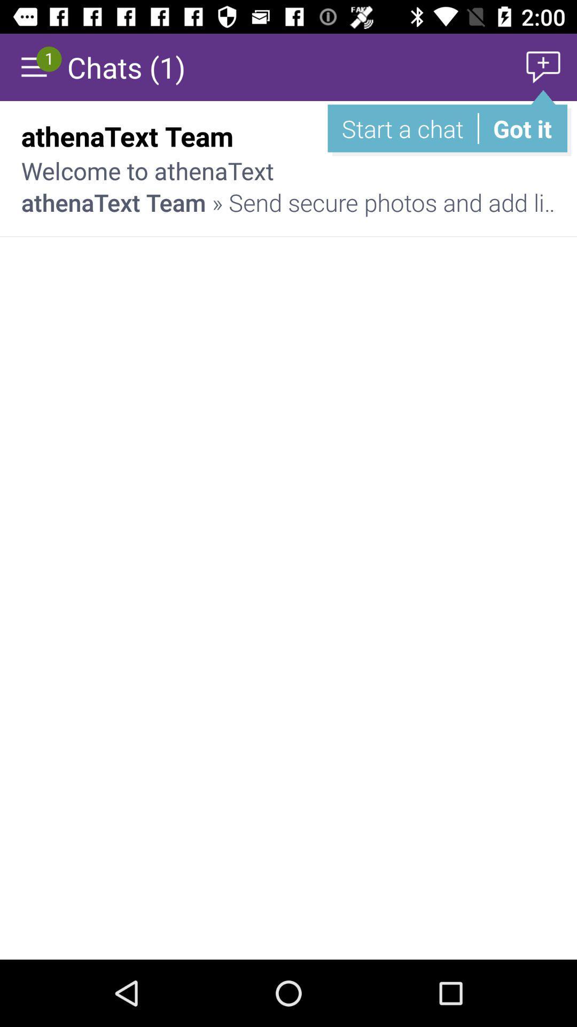  I want to click on item above the athenatext team send, so click(518, 135).